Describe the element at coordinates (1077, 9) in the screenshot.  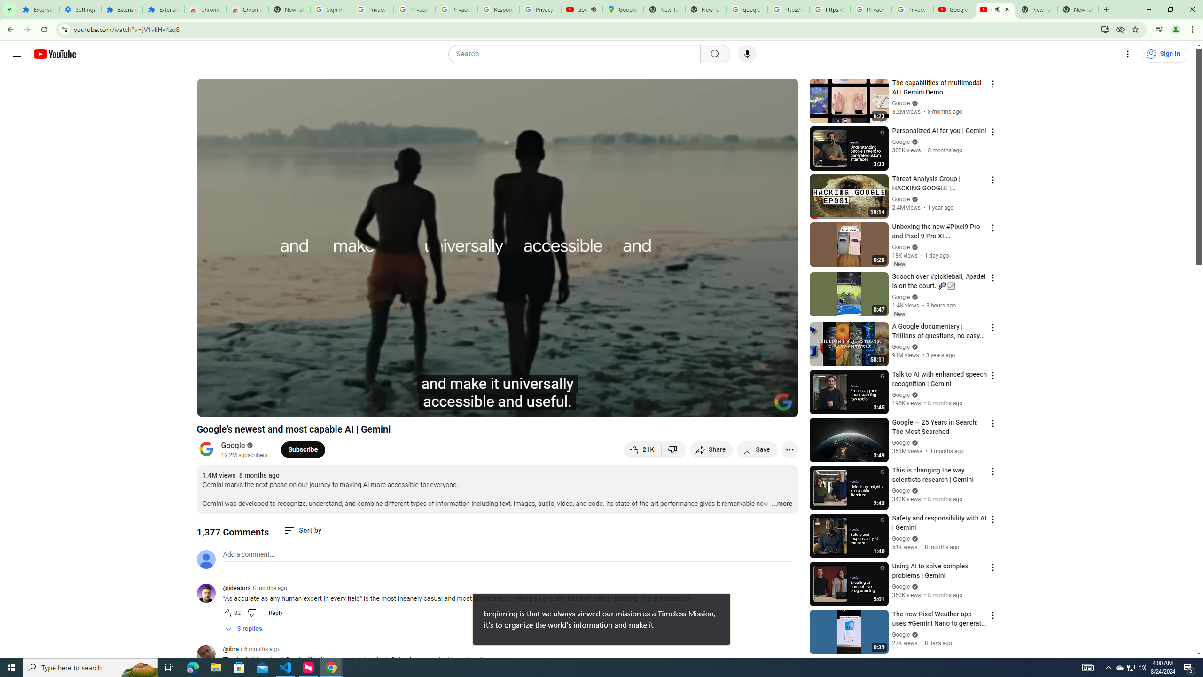
I see `'New Tab'` at that location.